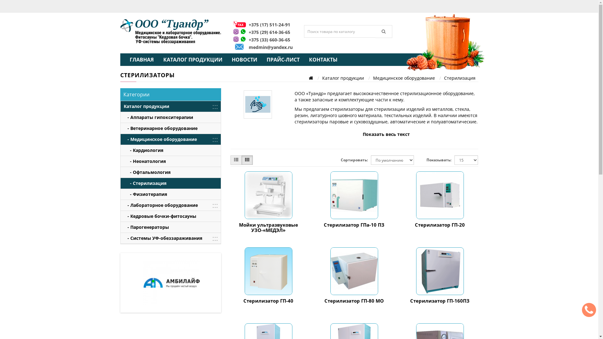 The image size is (603, 339). I want to click on '+375 (17) 511-24-91', so click(269, 24).